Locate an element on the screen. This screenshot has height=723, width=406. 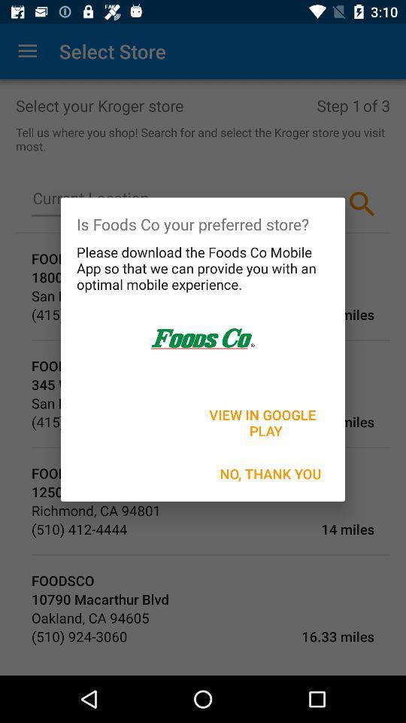
view in google item is located at coordinates (263, 423).